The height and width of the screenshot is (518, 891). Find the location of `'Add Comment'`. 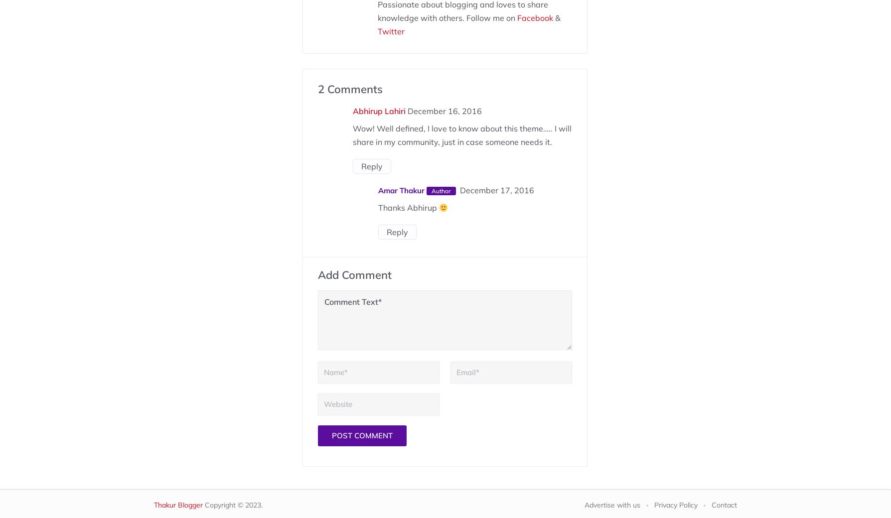

'Add Comment' is located at coordinates (354, 274).